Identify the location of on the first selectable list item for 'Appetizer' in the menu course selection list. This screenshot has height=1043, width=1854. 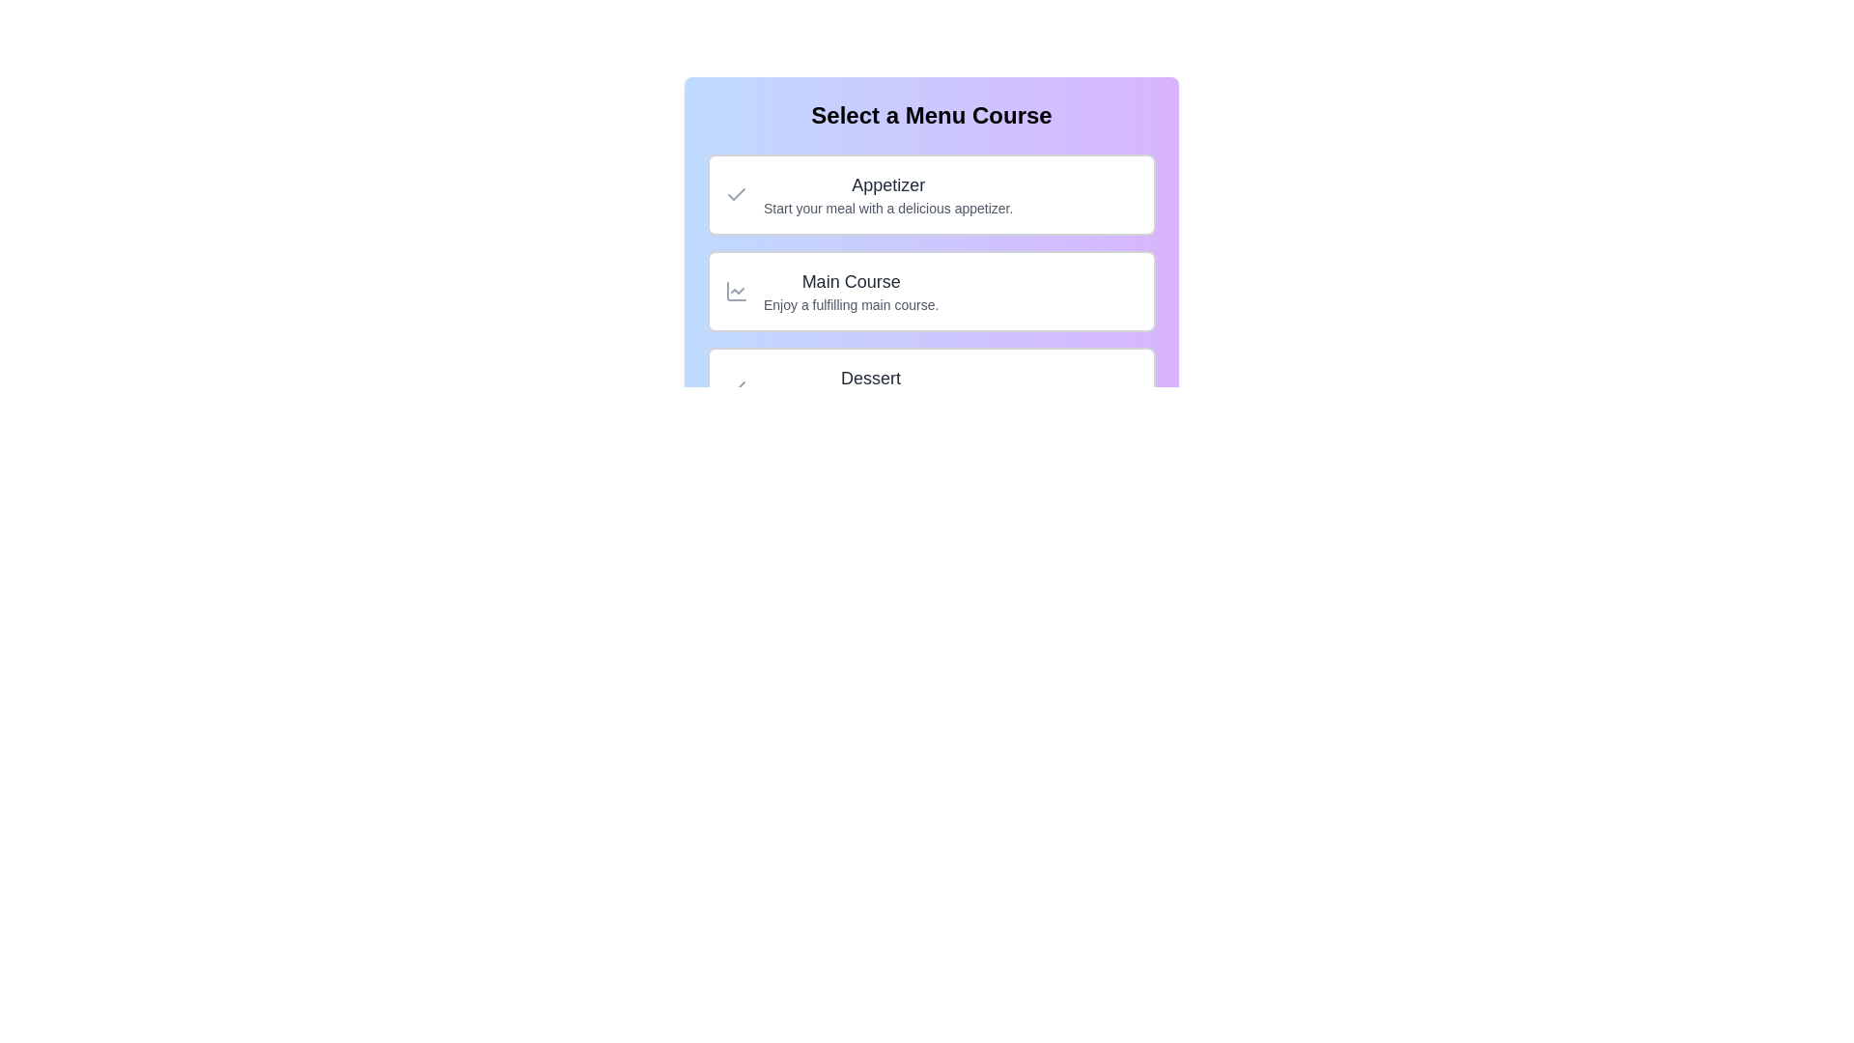
(931, 194).